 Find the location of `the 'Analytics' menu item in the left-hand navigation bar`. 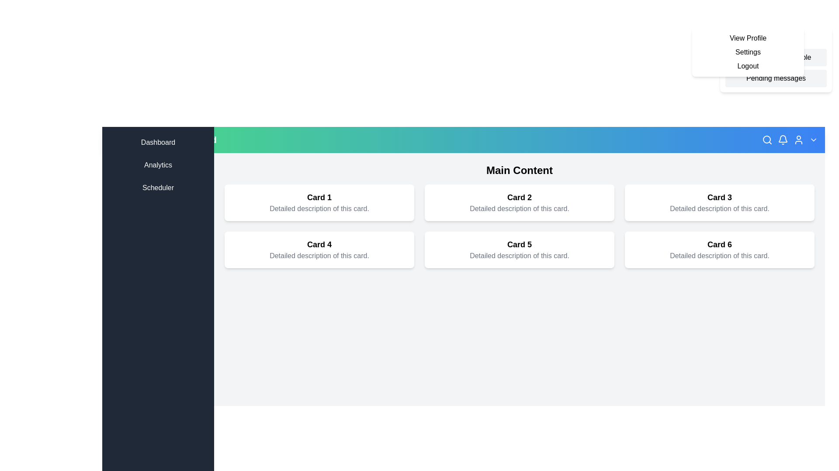

the 'Analytics' menu item in the left-hand navigation bar is located at coordinates (158, 165).